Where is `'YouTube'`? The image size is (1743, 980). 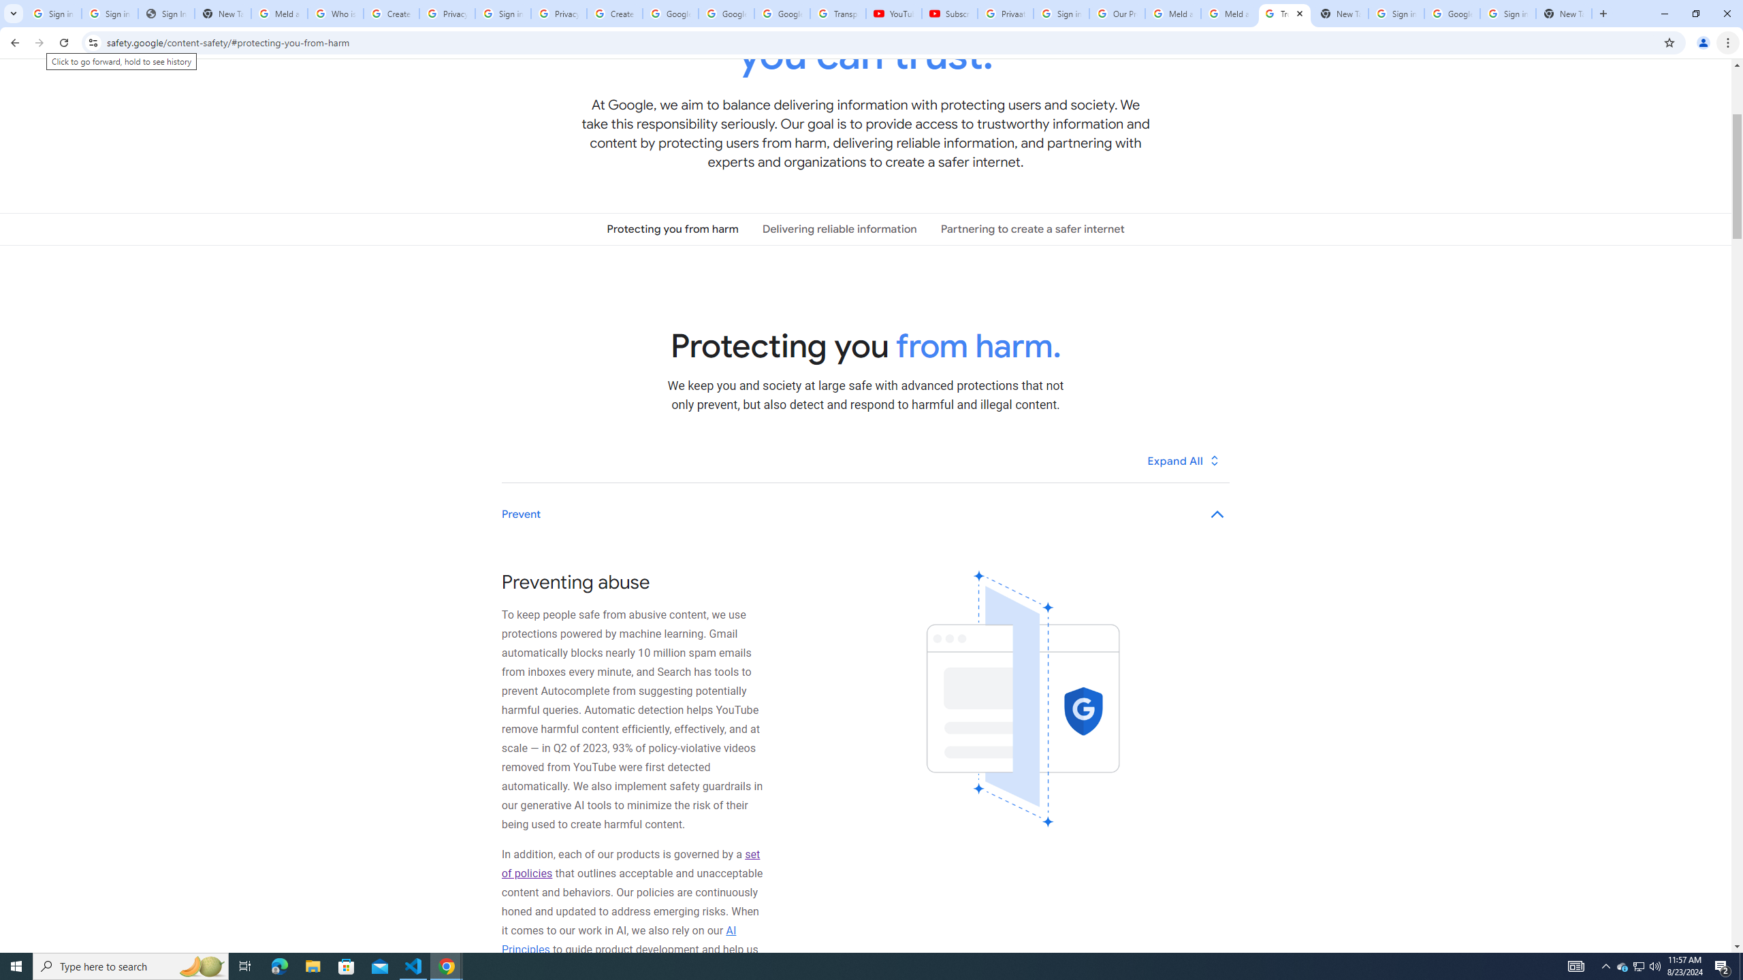 'YouTube' is located at coordinates (893, 13).